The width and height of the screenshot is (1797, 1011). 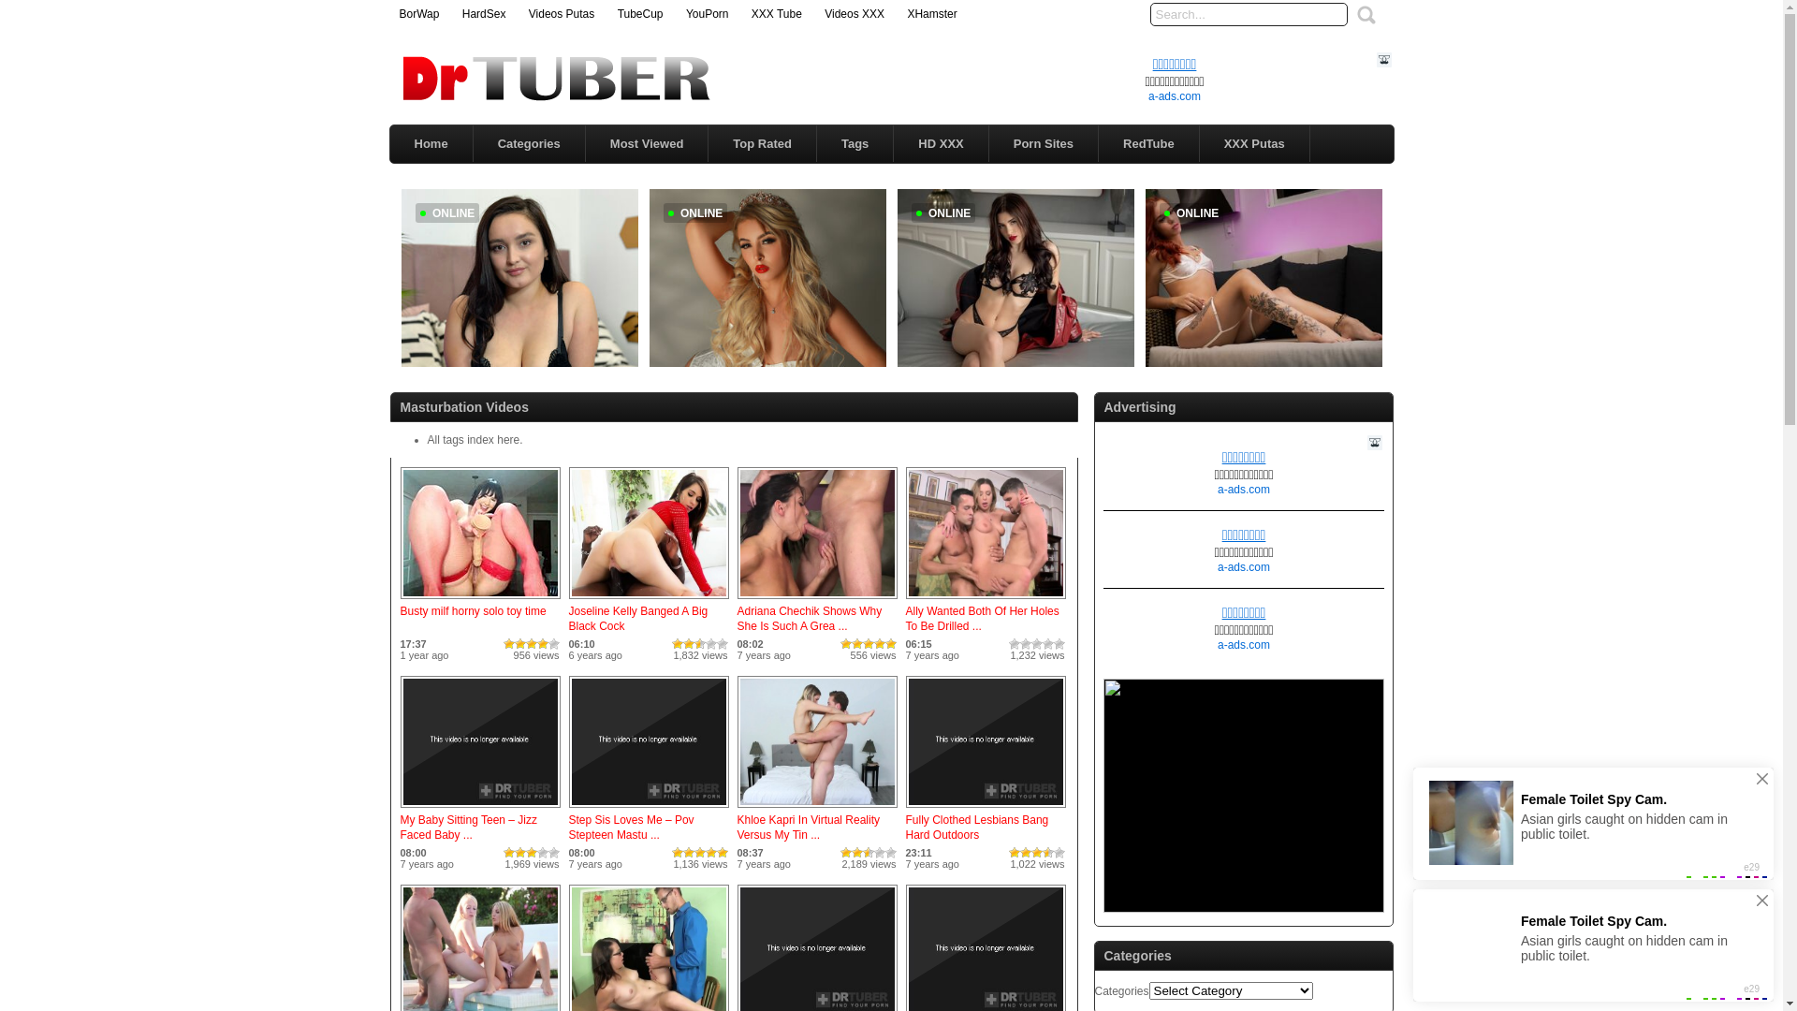 What do you see at coordinates (1042, 142) in the screenshot?
I see `'Porn Sites'` at bounding box center [1042, 142].